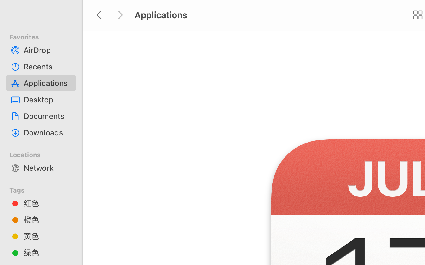 This screenshot has width=425, height=265. Describe the element at coordinates (47, 100) in the screenshot. I see `'Desktop'` at that location.